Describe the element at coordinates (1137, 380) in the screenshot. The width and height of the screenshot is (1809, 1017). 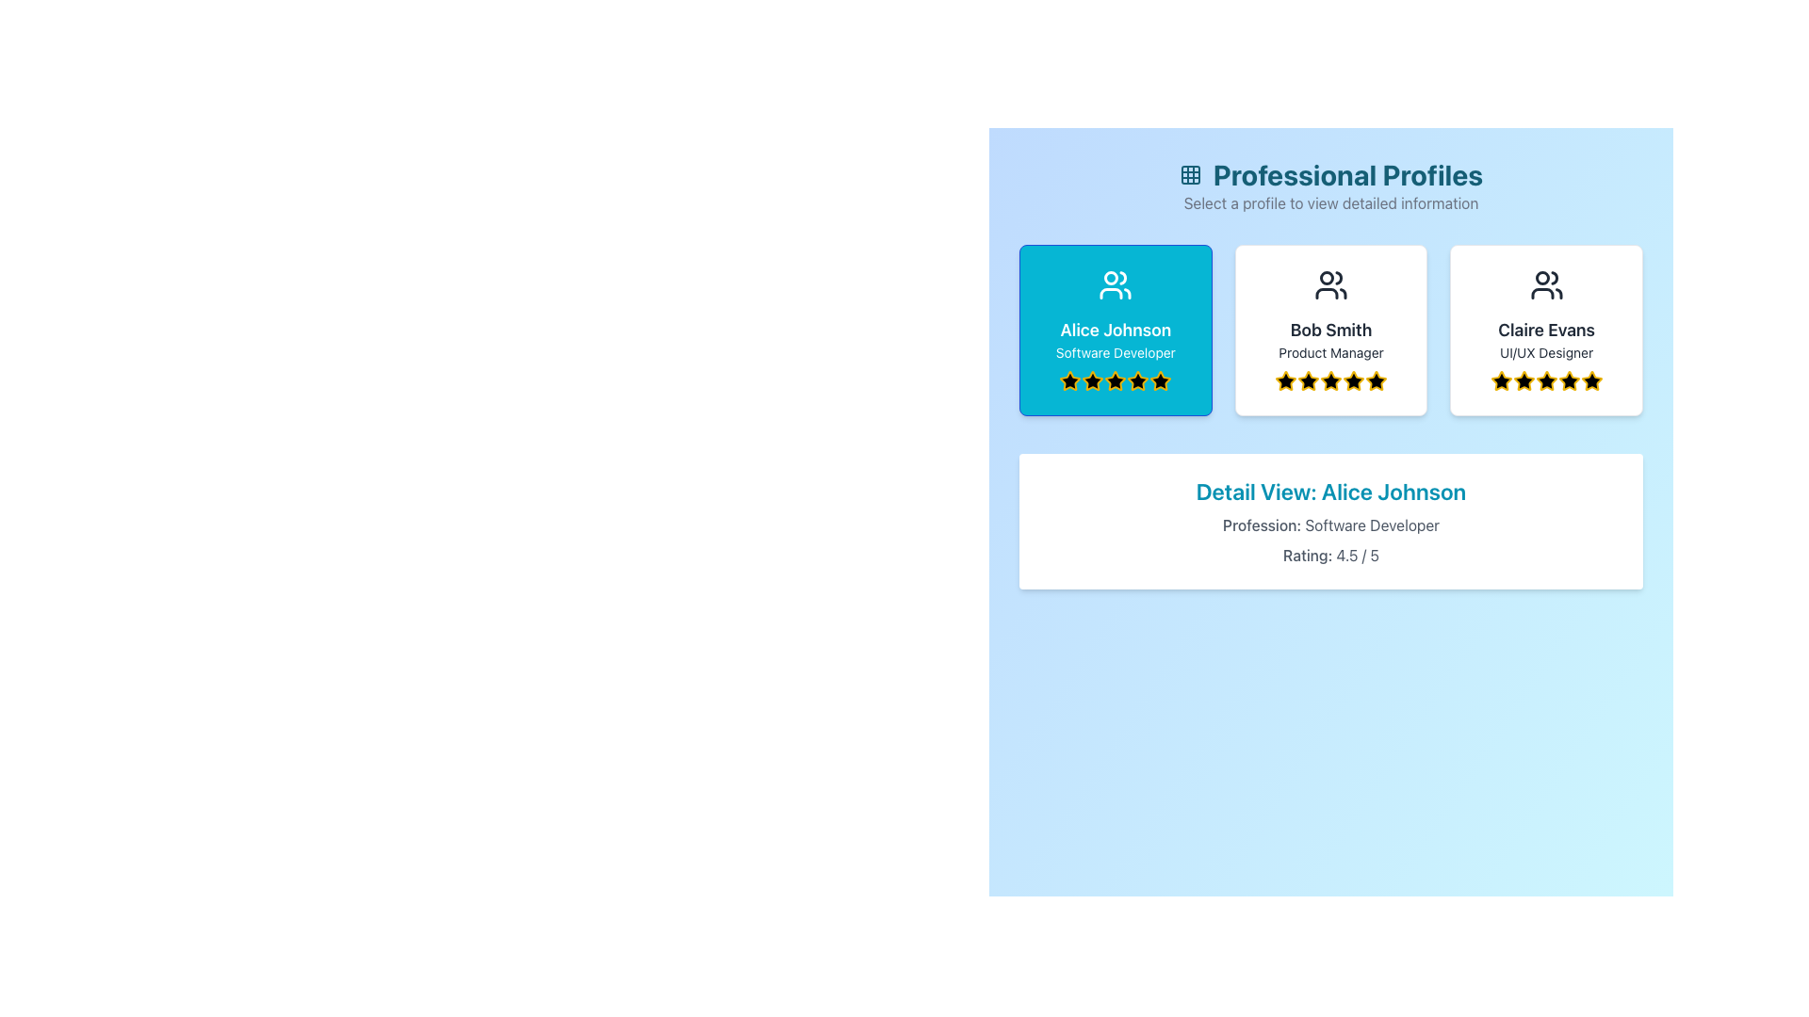
I see `the fifth star icon in the rating system located beneath the card displaying 'Alice Johnson - Software Developer'` at that location.